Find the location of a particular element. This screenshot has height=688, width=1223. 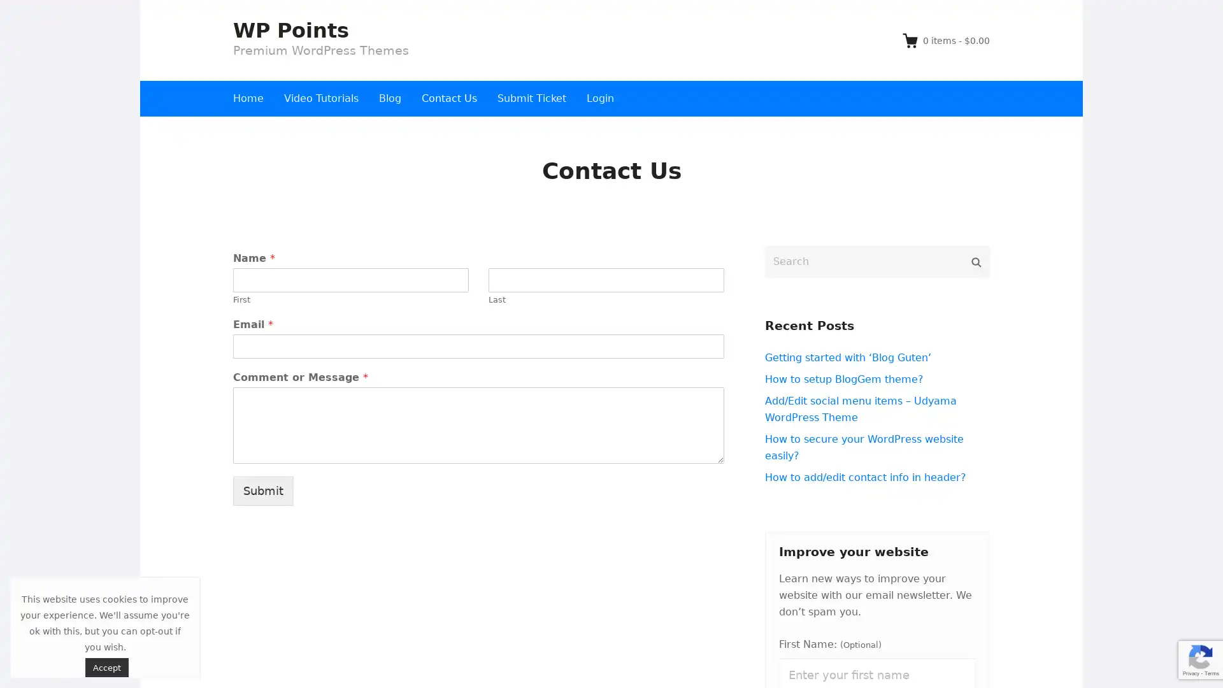

Submit is located at coordinates (262, 490).